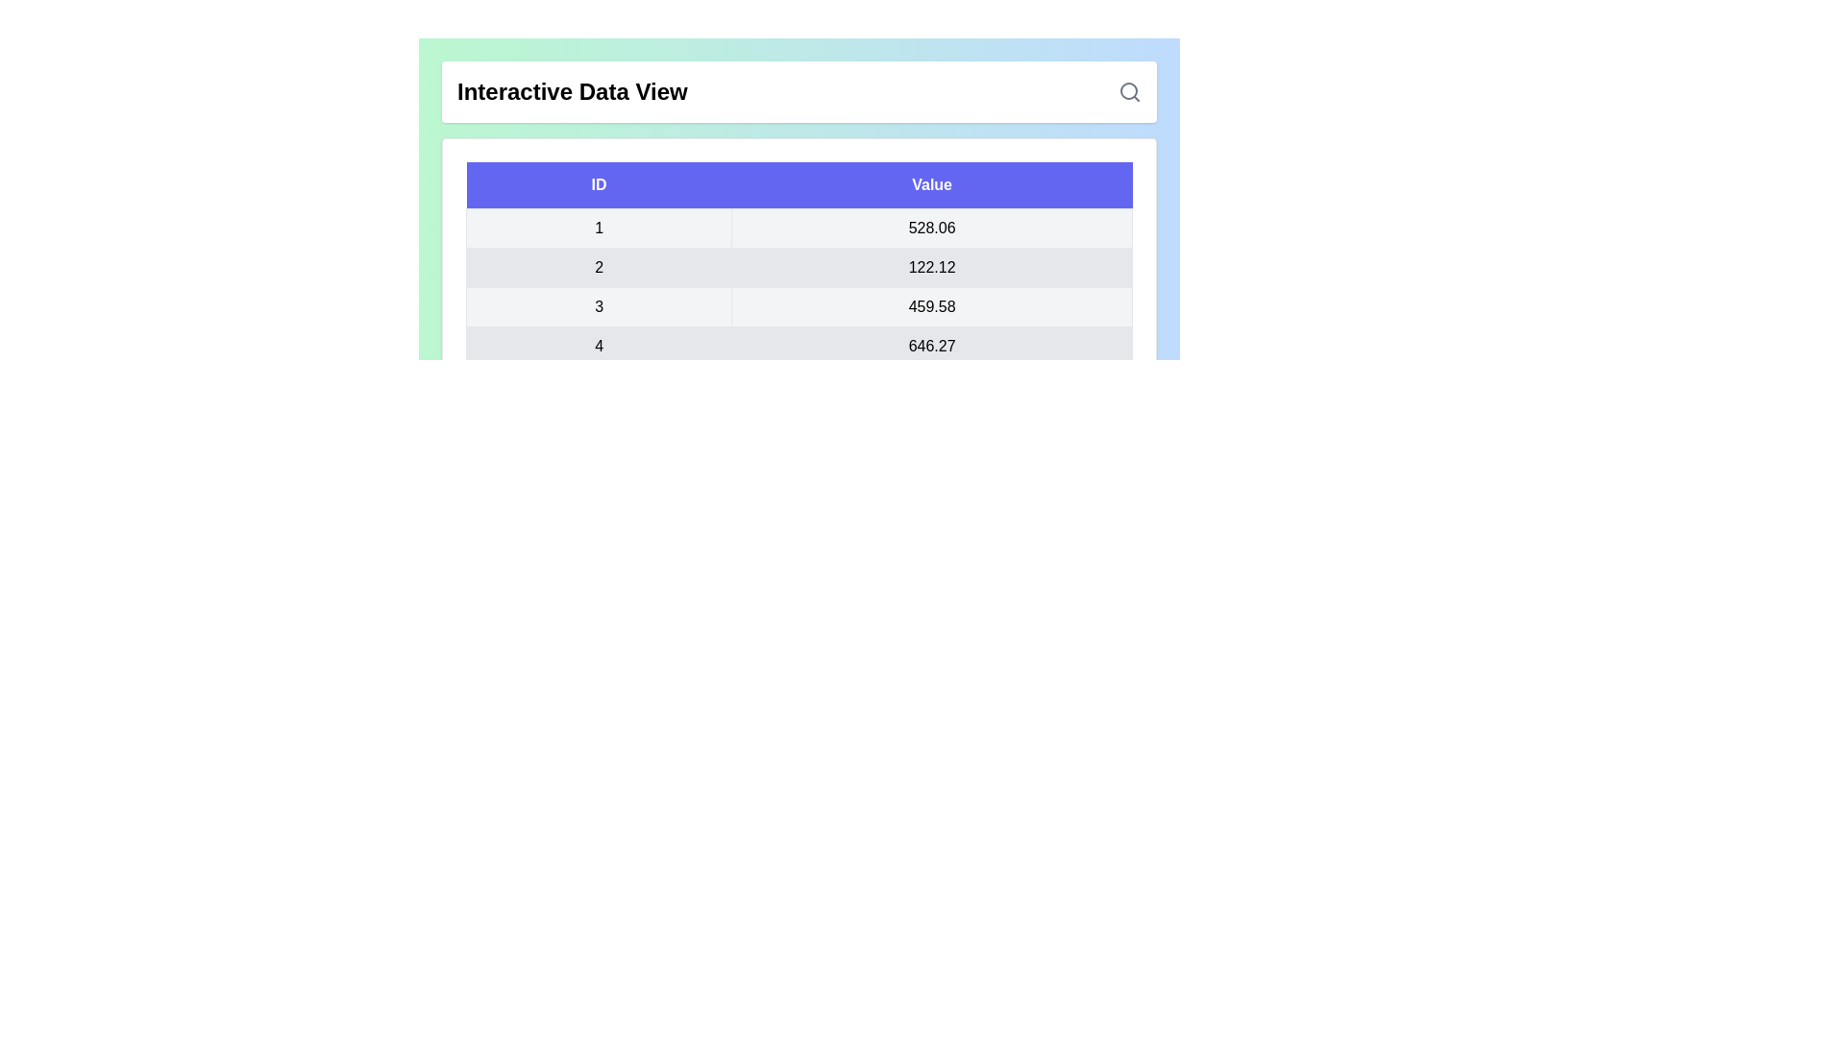 The height and width of the screenshot is (1037, 1845). What do you see at coordinates (932, 185) in the screenshot?
I see `the column header Value to sort the table` at bounding box center [932, 185].